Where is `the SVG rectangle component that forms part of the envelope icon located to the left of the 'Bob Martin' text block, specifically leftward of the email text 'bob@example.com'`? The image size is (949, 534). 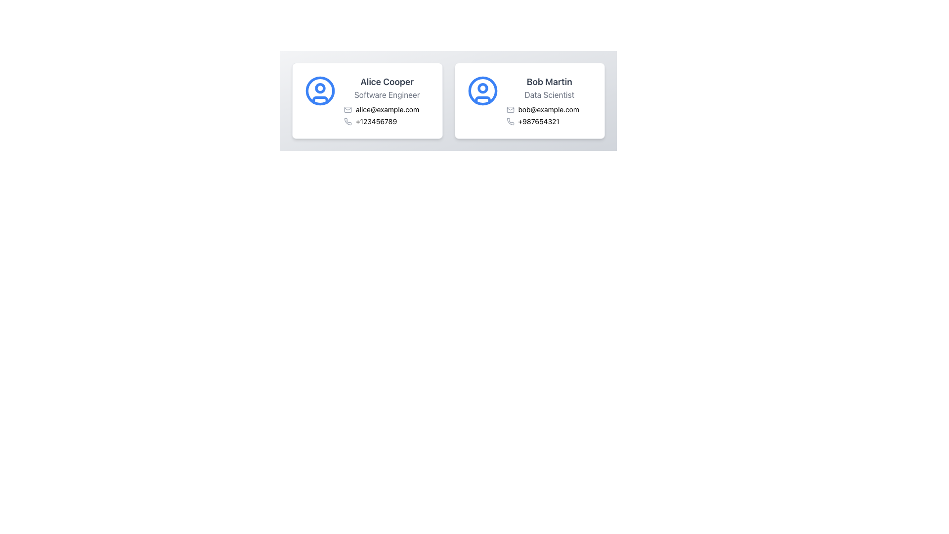
the SVG rectangle component that forms part of the envelope icon located to the left of the 'Bob Martin' text block, specifically leftward of the email text 'bob@example.com' is located at coordinates (510, 110).